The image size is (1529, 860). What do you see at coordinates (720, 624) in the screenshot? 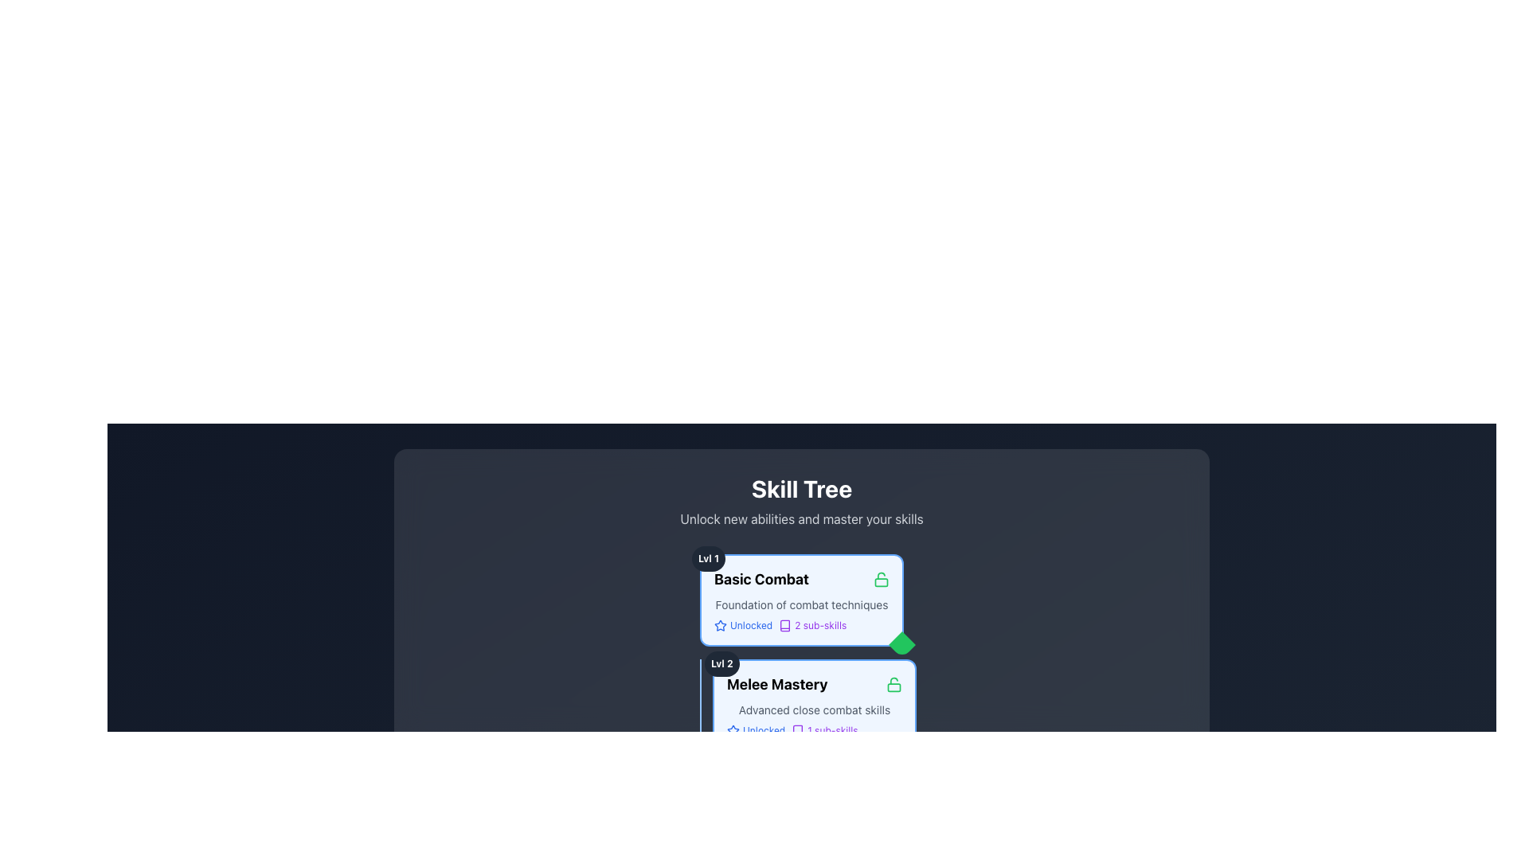
I see `the star icon located at the top-right corner of the 'Basic Combat' skill box in the Skill Tree interface, which indicates favorites or achievements` at bounding box center [720, 624].